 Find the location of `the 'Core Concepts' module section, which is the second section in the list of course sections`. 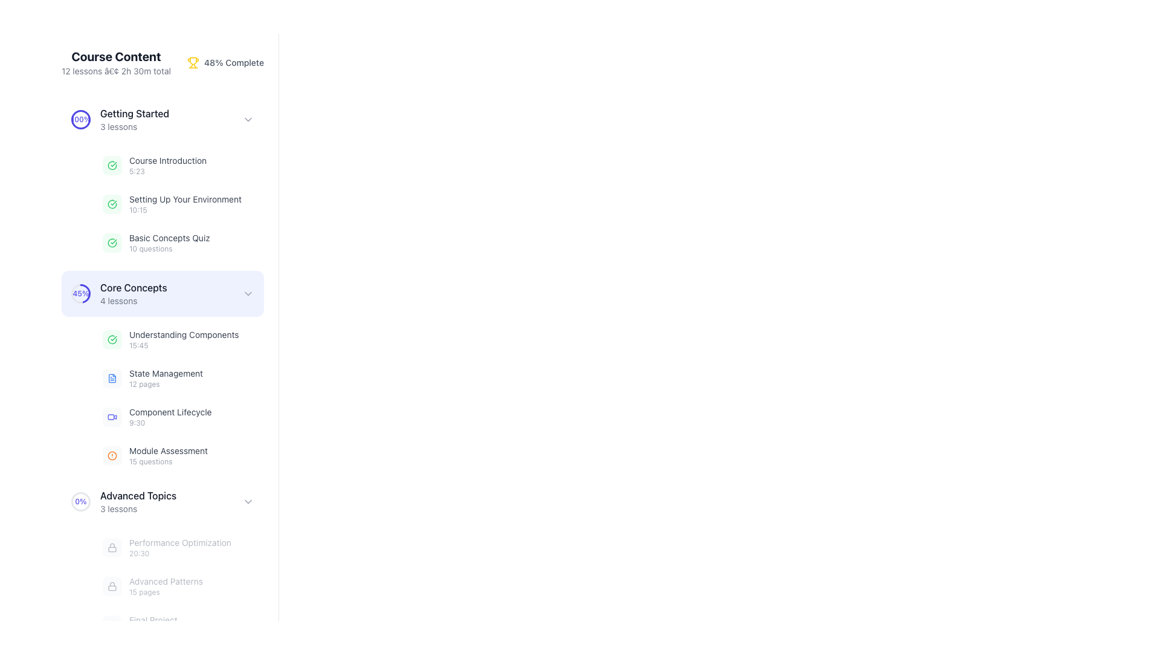

the 'Core Concepts' module section, which is the second section in the list of course sections is located at coordinates (162, 372).